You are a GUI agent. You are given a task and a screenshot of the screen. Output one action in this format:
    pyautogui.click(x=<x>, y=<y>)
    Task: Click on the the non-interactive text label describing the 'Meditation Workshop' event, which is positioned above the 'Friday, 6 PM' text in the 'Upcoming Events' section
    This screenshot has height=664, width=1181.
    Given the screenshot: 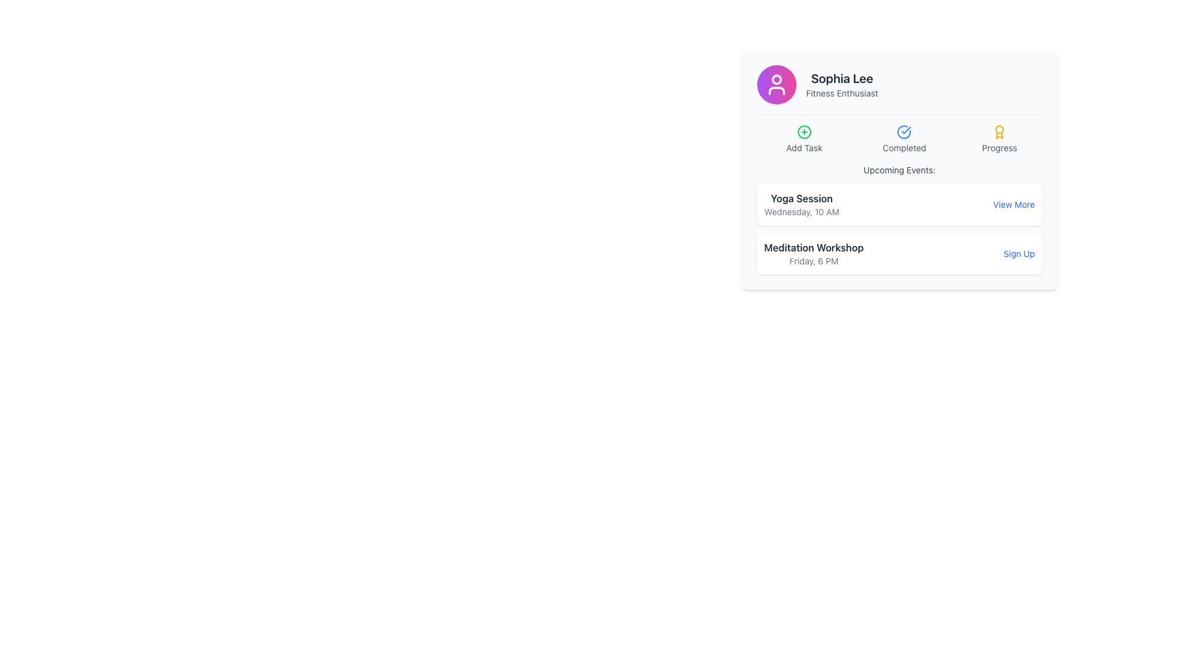 What is the action you would take?
    pyautogui.click(x=814, y=247)
    